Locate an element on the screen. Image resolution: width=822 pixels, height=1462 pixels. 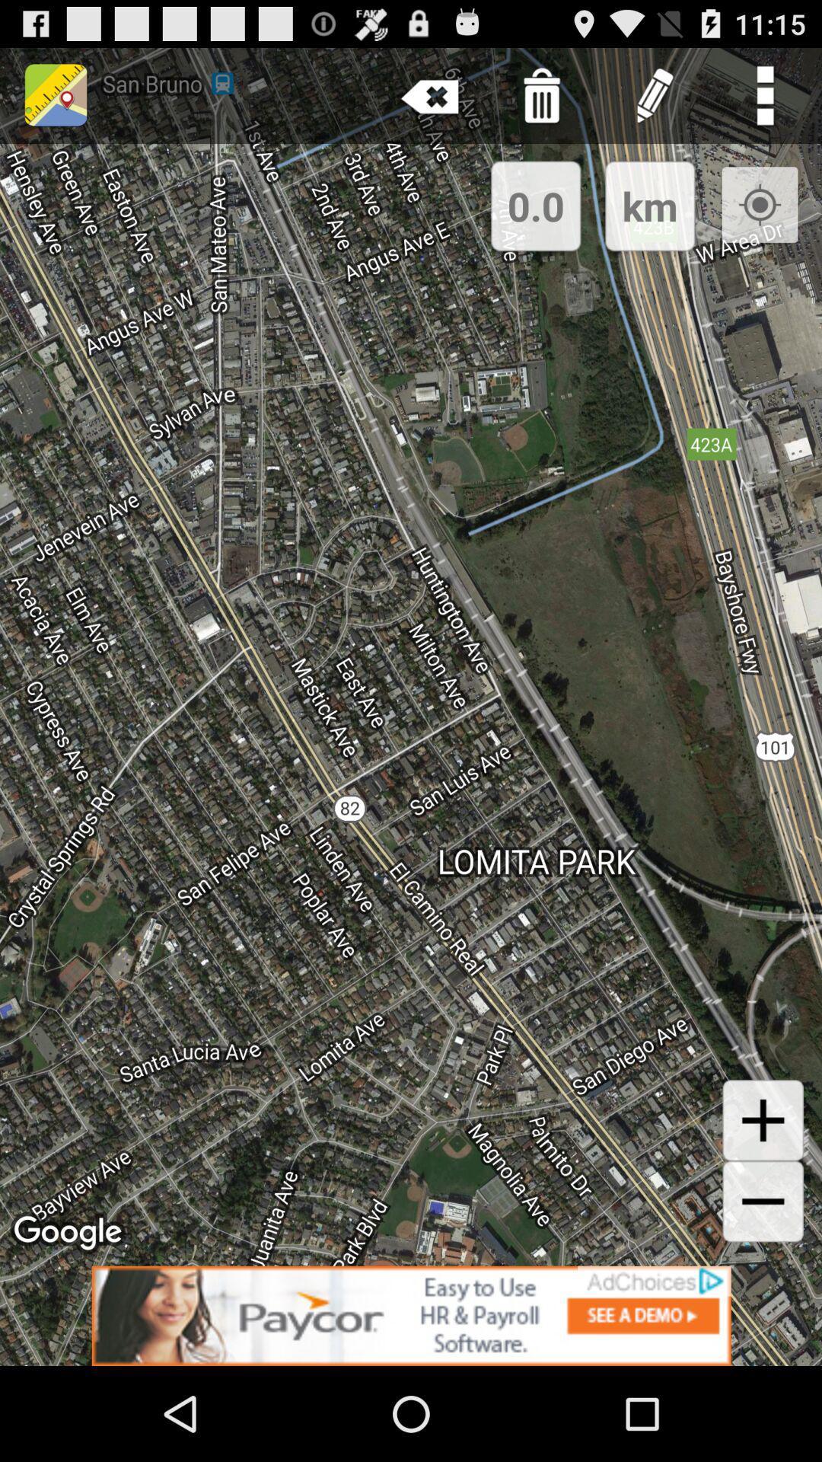
the place holder image from the top left is located at coordinates (55, 94).